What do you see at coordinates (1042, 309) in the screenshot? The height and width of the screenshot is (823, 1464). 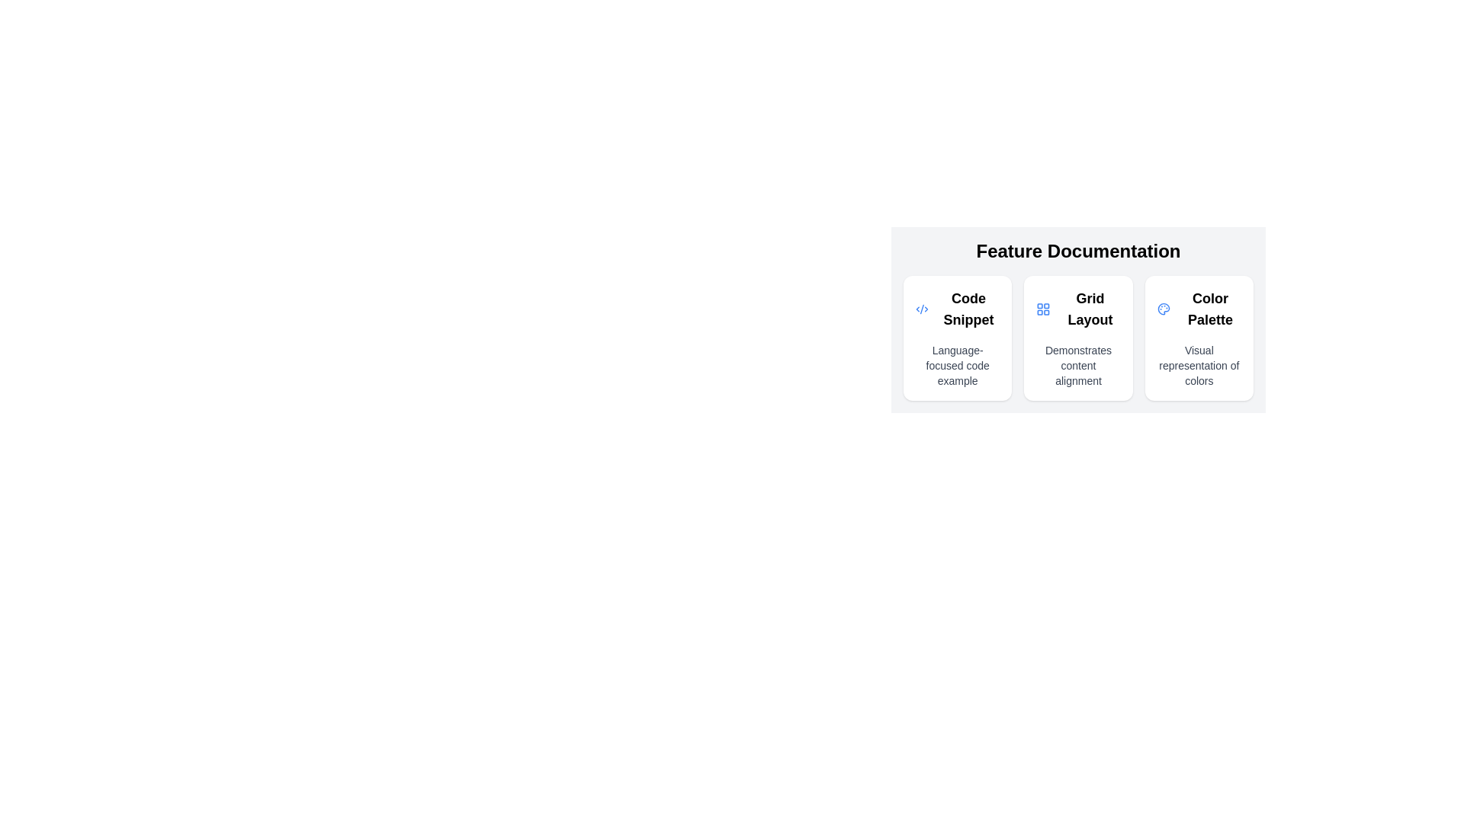 I see `the grid icon element, which consists of four rounded rectangles arranged in a 2x2 grid layout and is located to the left of the text label 'Grid Layout'` at bounding box center [1042, 309].